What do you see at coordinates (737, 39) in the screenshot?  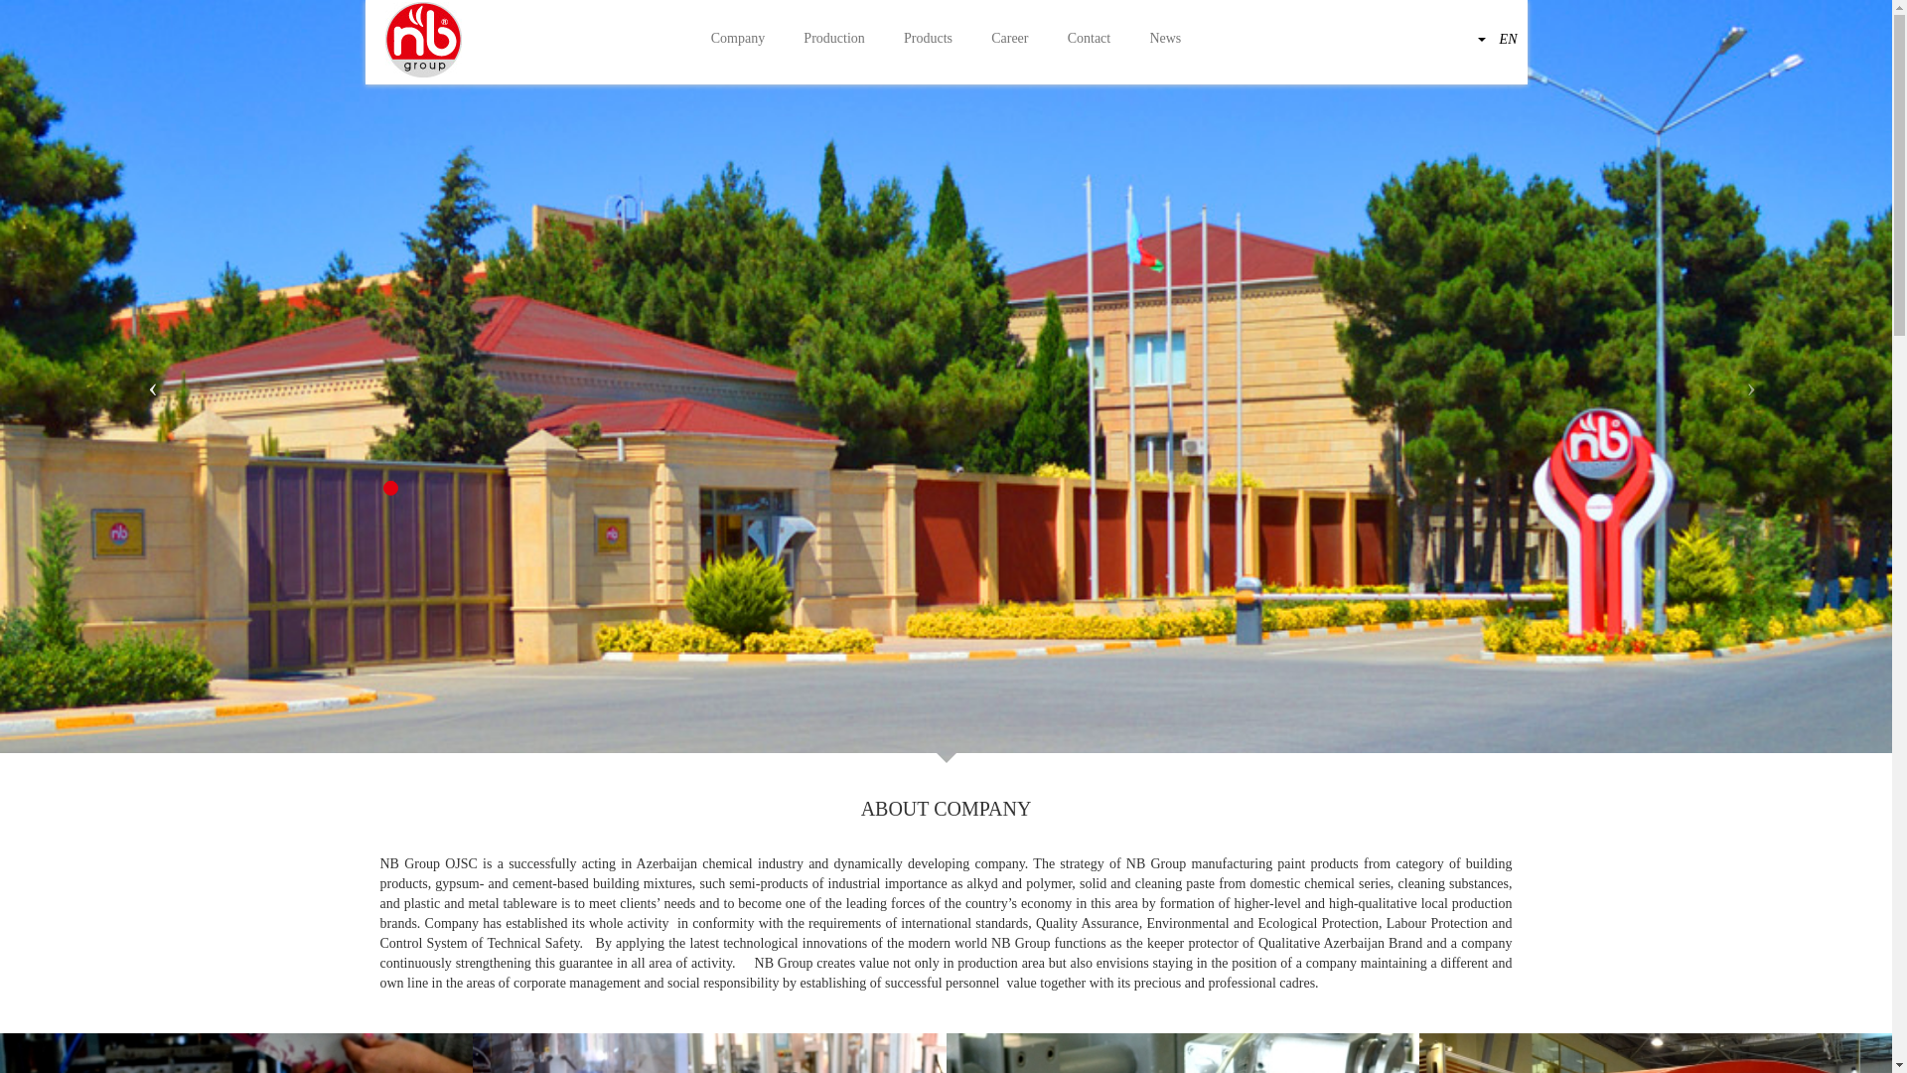 I see `'Company'` at bounding box center [737, 39].